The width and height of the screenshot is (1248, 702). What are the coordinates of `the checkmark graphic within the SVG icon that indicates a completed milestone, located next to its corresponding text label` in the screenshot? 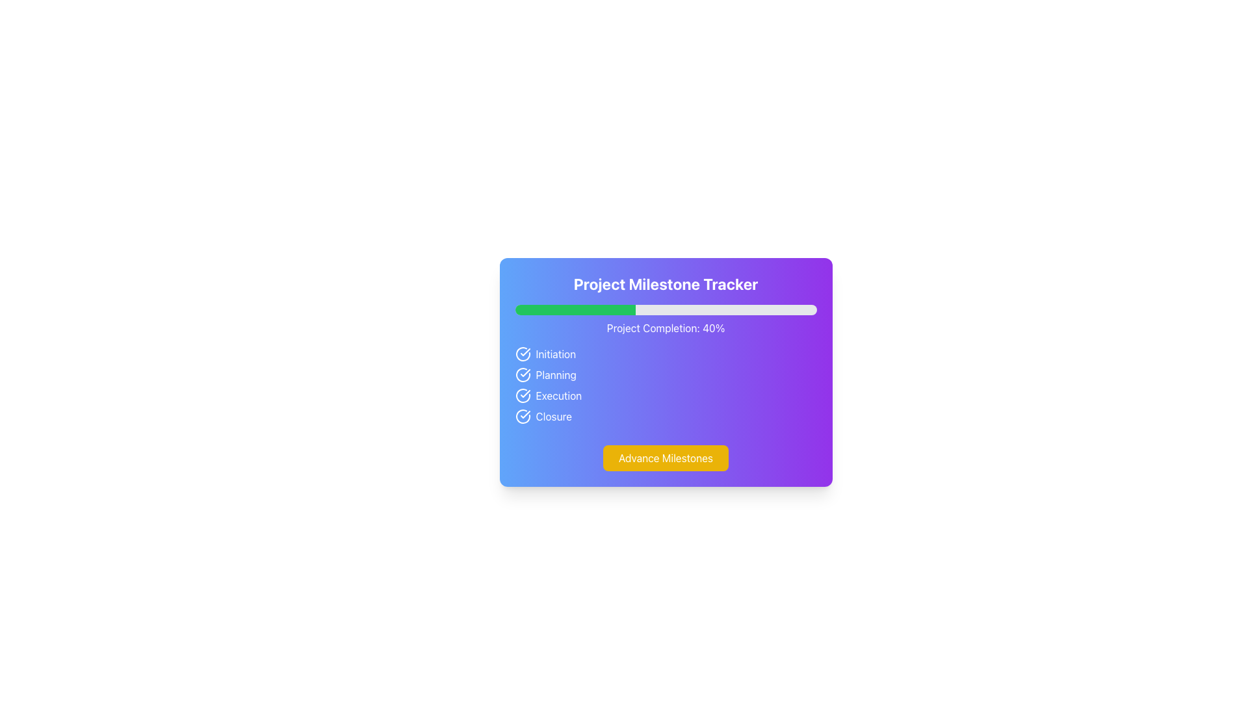 It's located at (525, 352).